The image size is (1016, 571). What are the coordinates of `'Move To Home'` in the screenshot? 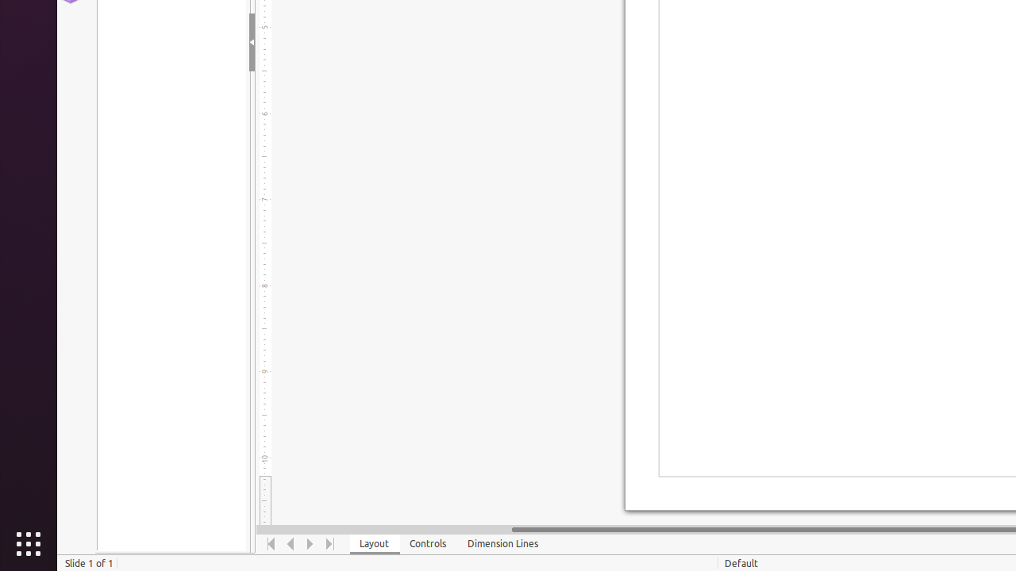 It's located at (271, 543).